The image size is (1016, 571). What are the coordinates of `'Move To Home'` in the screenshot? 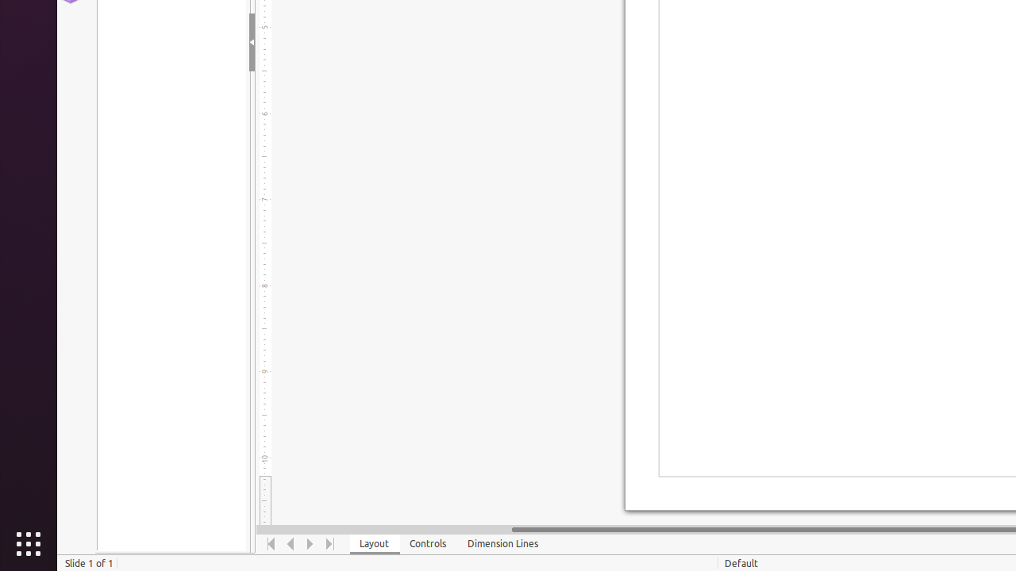 It's located at (271, 543).